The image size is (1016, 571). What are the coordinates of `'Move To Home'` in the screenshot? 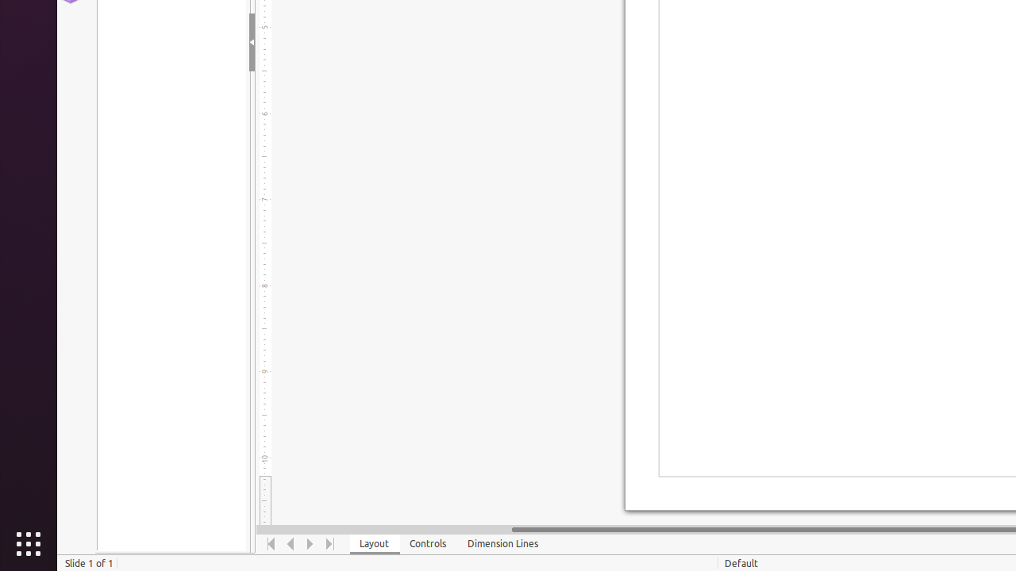 It's located at (271, 543).